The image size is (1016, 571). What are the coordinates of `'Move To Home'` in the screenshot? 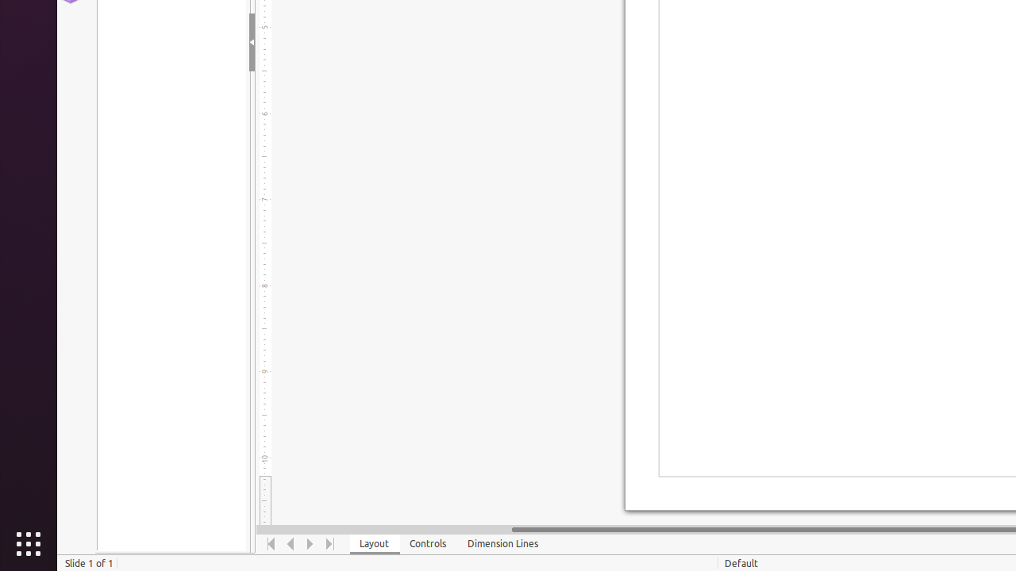 It's located at (271, 543).